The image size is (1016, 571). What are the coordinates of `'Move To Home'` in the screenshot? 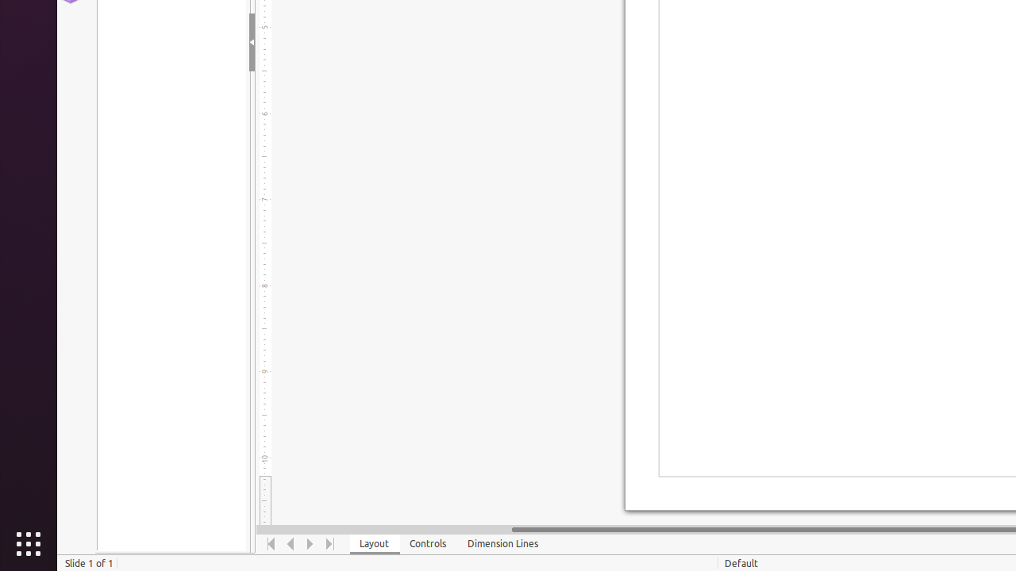 It's located at (271, 543).